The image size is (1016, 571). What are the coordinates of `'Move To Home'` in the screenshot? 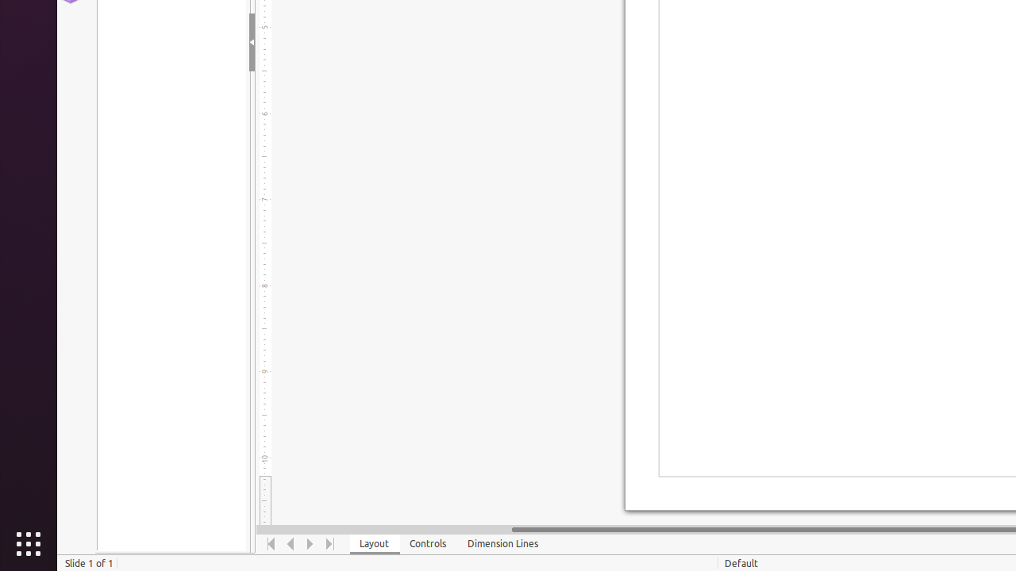 It's located at (271, 543).